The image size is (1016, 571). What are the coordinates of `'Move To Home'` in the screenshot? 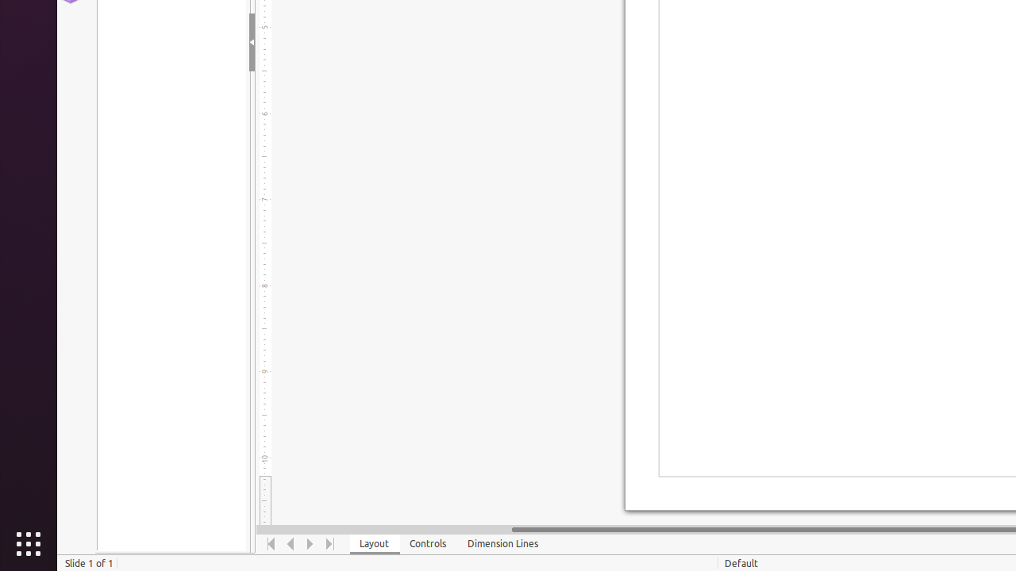 It's located at (271, 543).